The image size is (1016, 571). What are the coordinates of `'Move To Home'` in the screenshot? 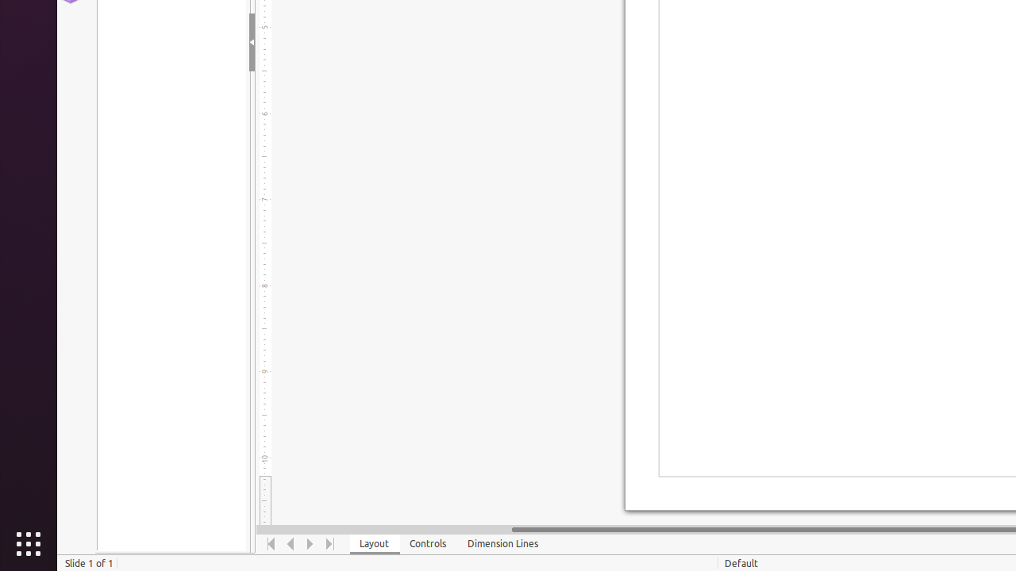 It's located at (271, 543).